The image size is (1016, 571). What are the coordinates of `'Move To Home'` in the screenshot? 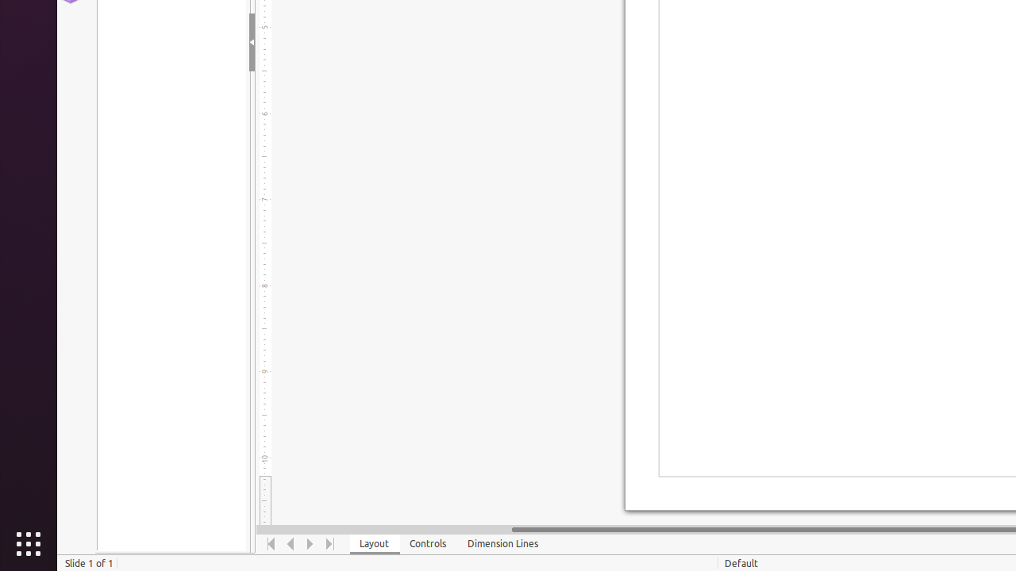 It's located at (271, 543).